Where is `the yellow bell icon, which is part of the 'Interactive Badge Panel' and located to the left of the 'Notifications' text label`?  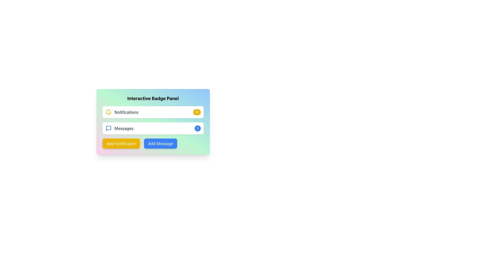
the yellow bell icon, which is part of the 'Interactive Badge Panel' and located to the left of the 'Notifications' text label is located at coordinates (108, 112).